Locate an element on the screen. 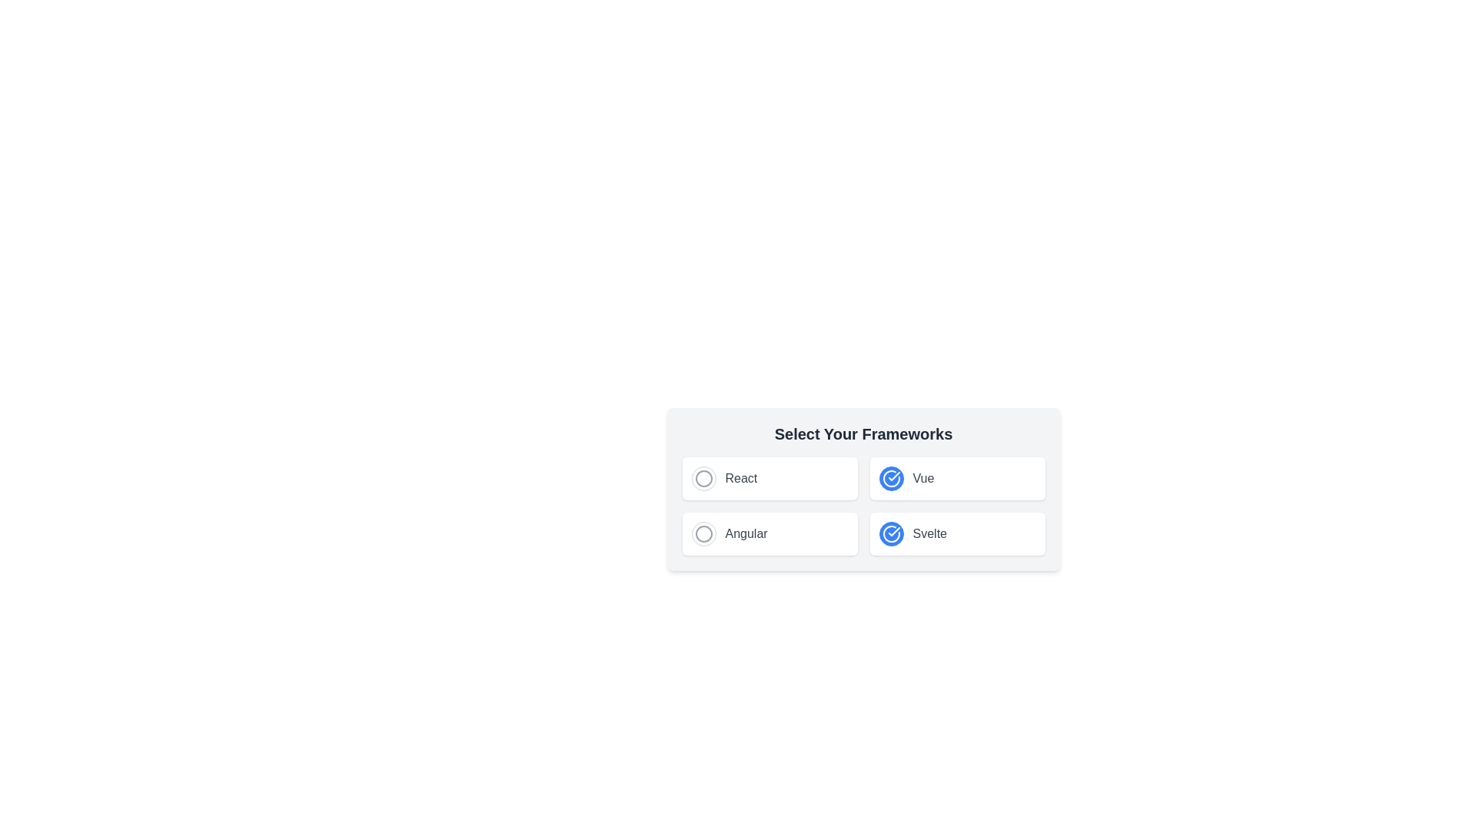 This screenshot has height=830, width=1476. the 'Svelte' framework selection icon is located at coordinates (891, 533).